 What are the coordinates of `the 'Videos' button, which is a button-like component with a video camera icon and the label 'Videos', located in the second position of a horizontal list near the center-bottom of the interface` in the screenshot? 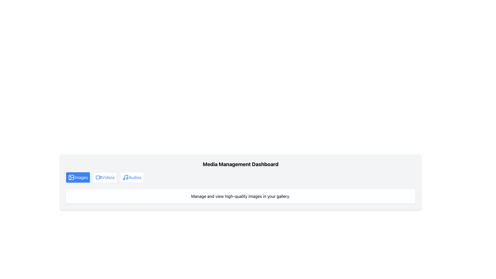 It's located at (105, 177).